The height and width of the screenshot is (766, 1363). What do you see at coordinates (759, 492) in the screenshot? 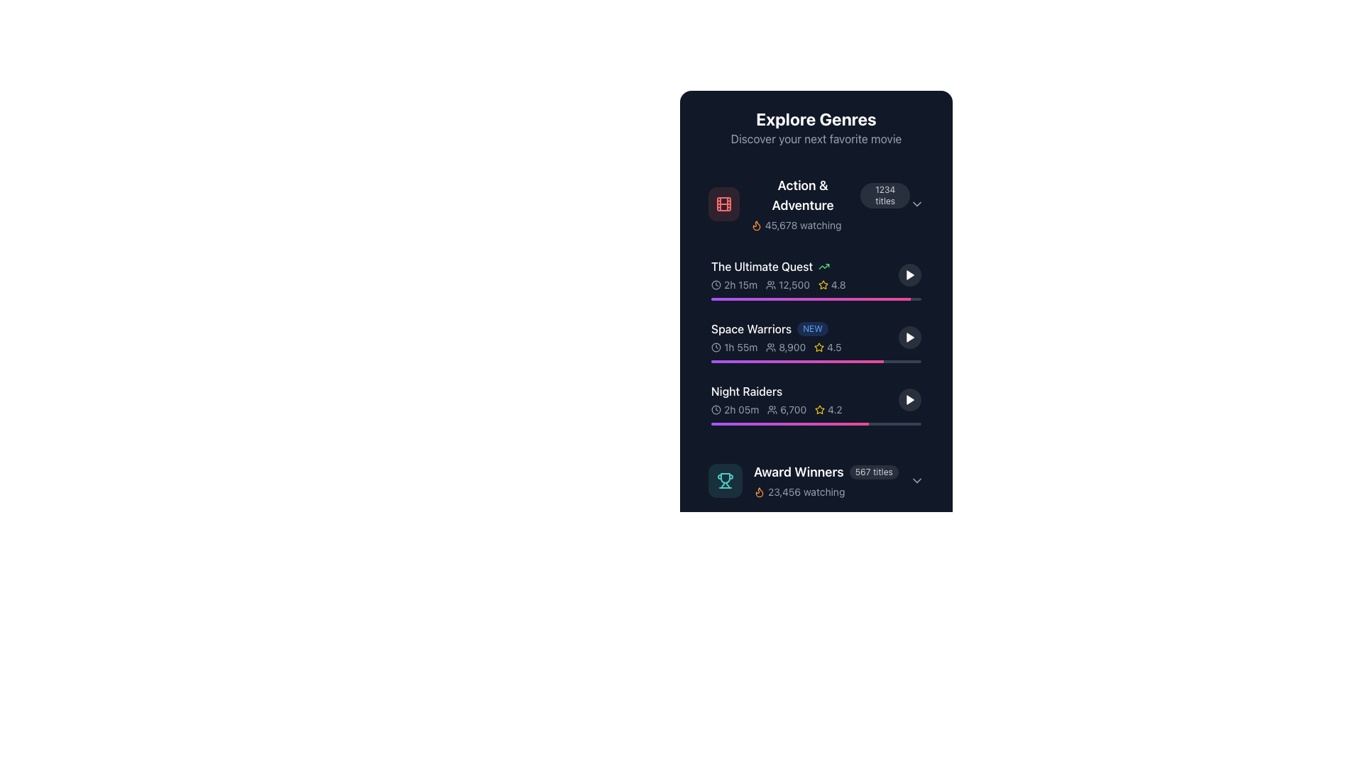
I see `the orange flame icon located to the left of the text '23,456 watching' in the 'Award Winners' section` at bounding box center [759, 492].